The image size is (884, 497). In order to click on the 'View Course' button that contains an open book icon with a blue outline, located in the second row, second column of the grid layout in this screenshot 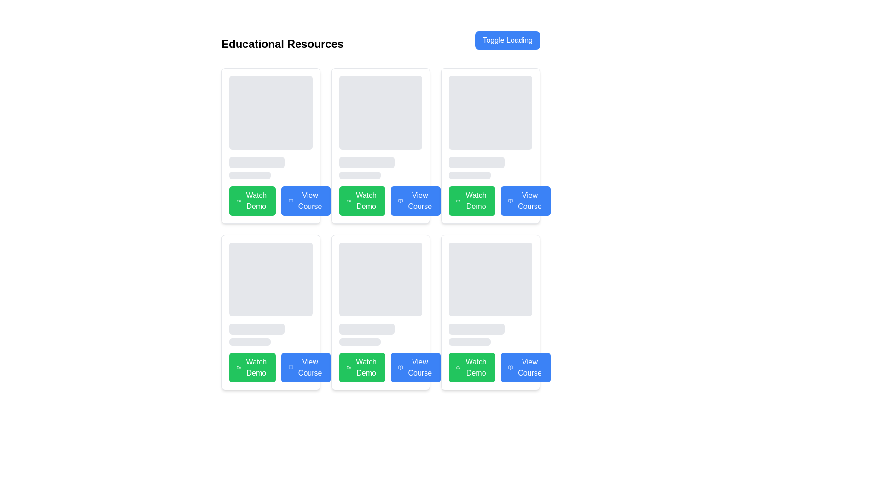, I will do `click(401, 367)`.